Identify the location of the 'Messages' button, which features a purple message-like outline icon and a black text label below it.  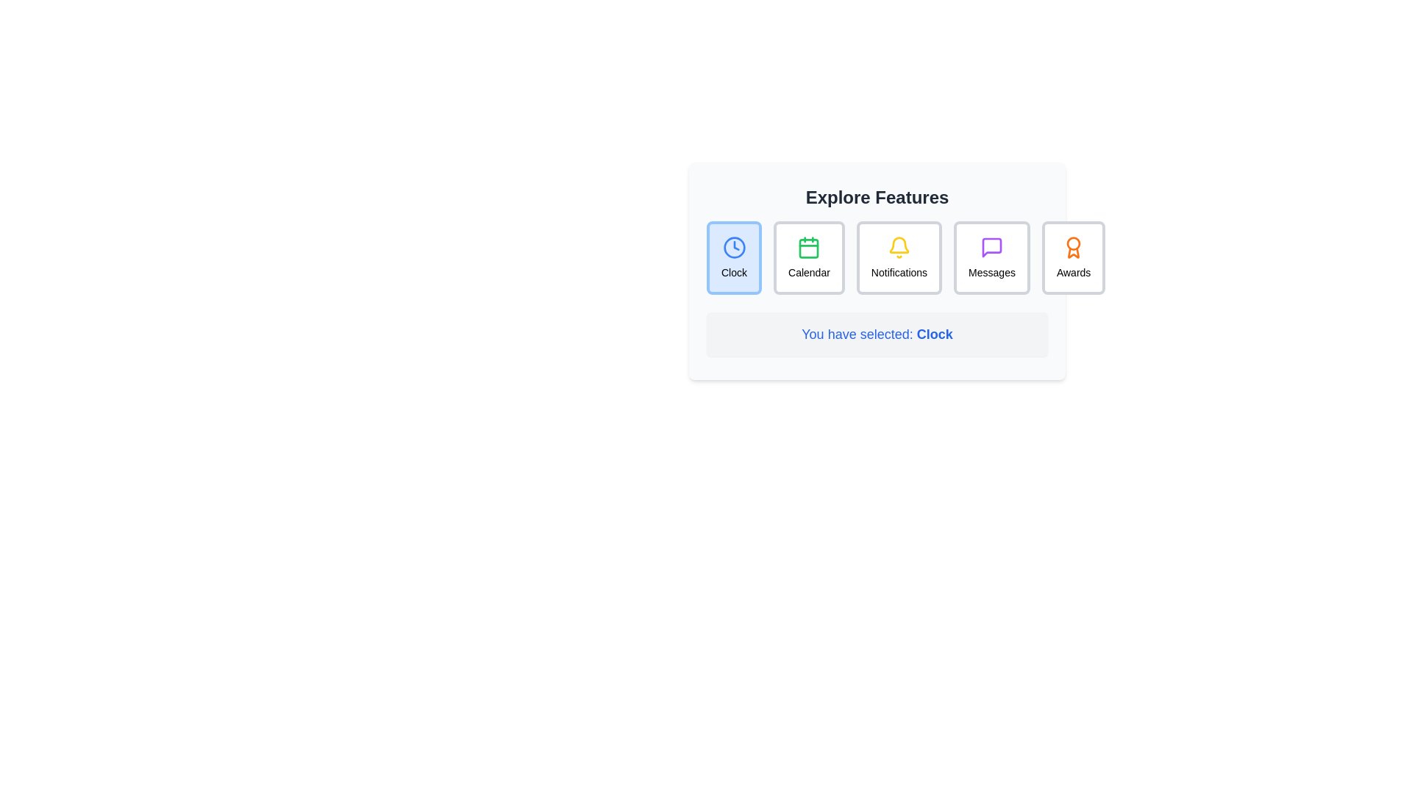
(991, 257).